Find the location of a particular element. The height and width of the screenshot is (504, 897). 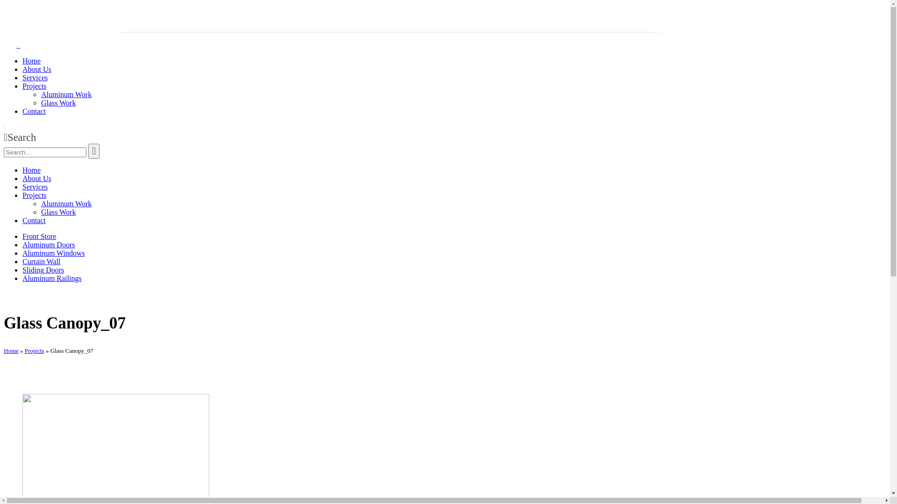

'Glass Work' is located at coordinates (57, 103).